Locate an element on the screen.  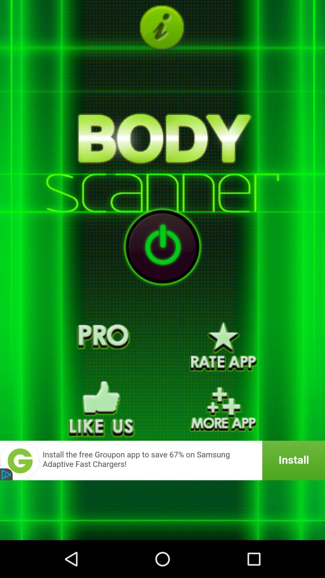
install app is located at coordinates (162, 460).